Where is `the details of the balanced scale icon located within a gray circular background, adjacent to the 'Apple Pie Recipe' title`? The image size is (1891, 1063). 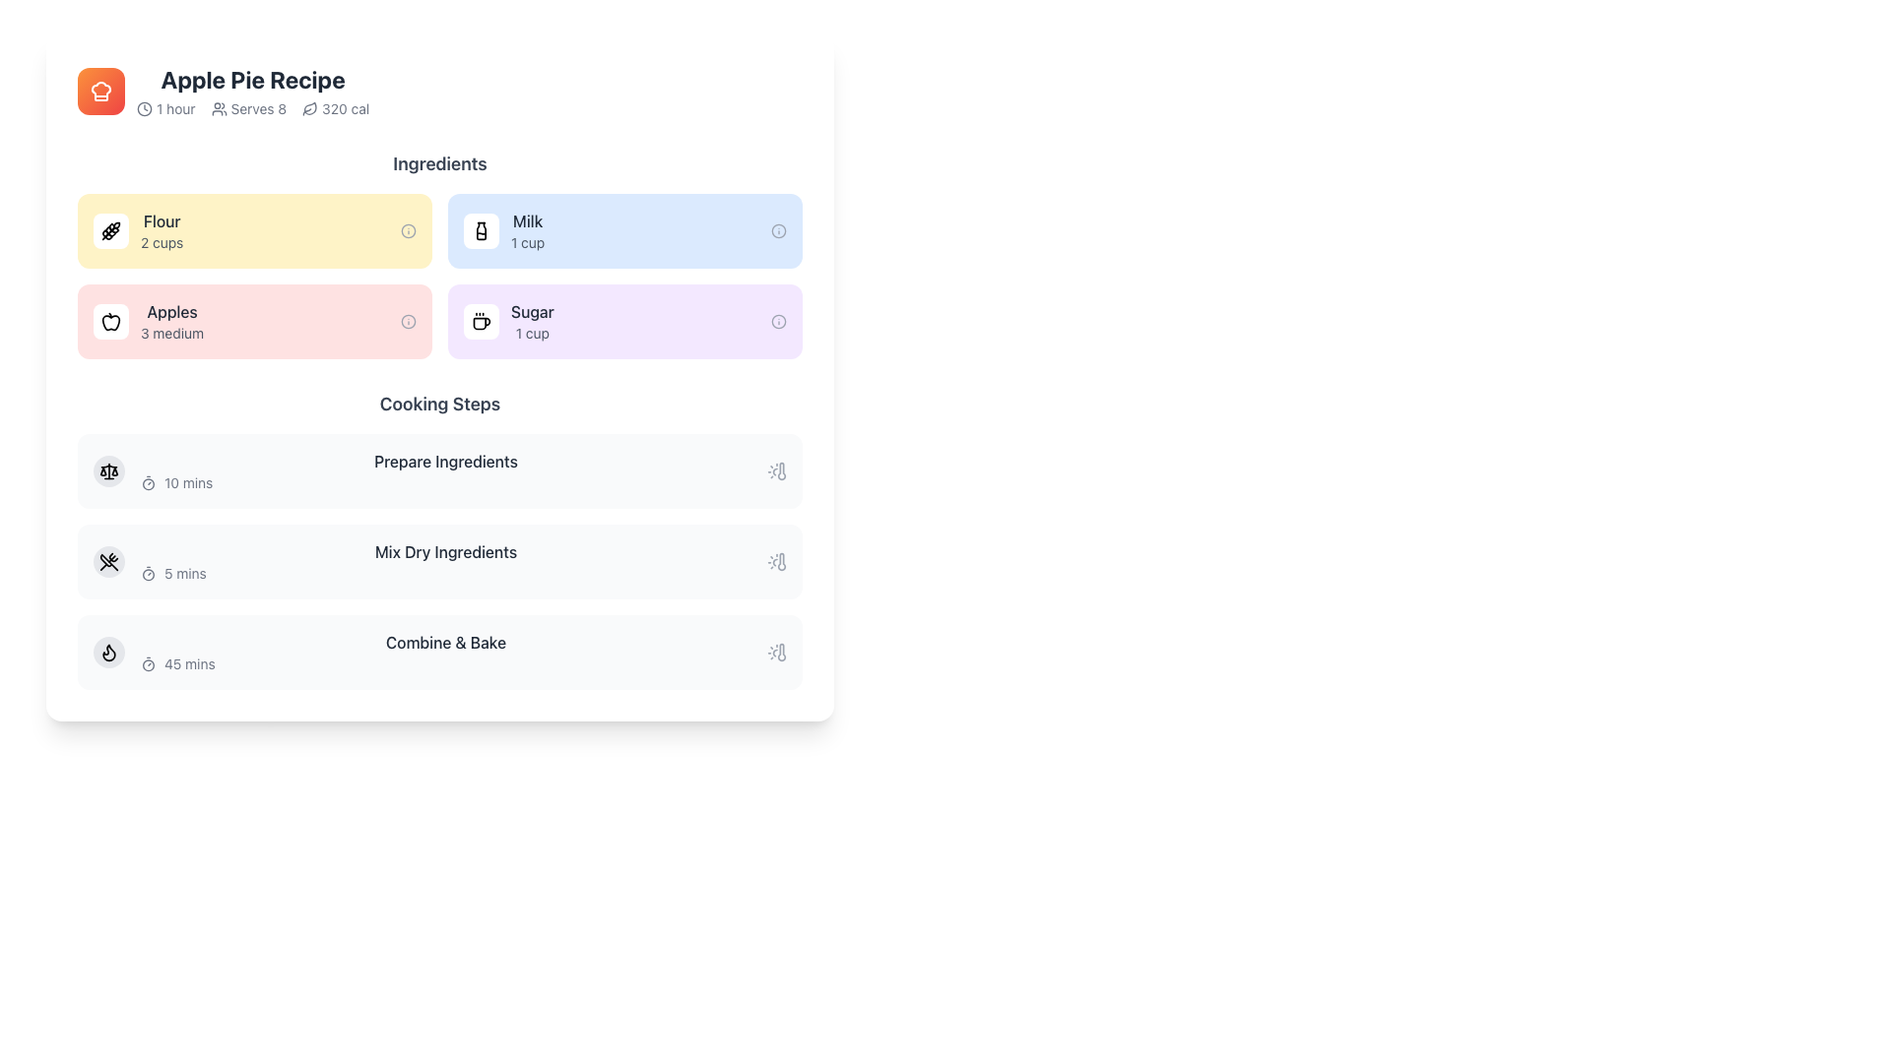
the details of the balanced scale icon located within a gray circular background, adjacent to the 'Apple Pie Recipe' title is located at coordinates (107, 470).